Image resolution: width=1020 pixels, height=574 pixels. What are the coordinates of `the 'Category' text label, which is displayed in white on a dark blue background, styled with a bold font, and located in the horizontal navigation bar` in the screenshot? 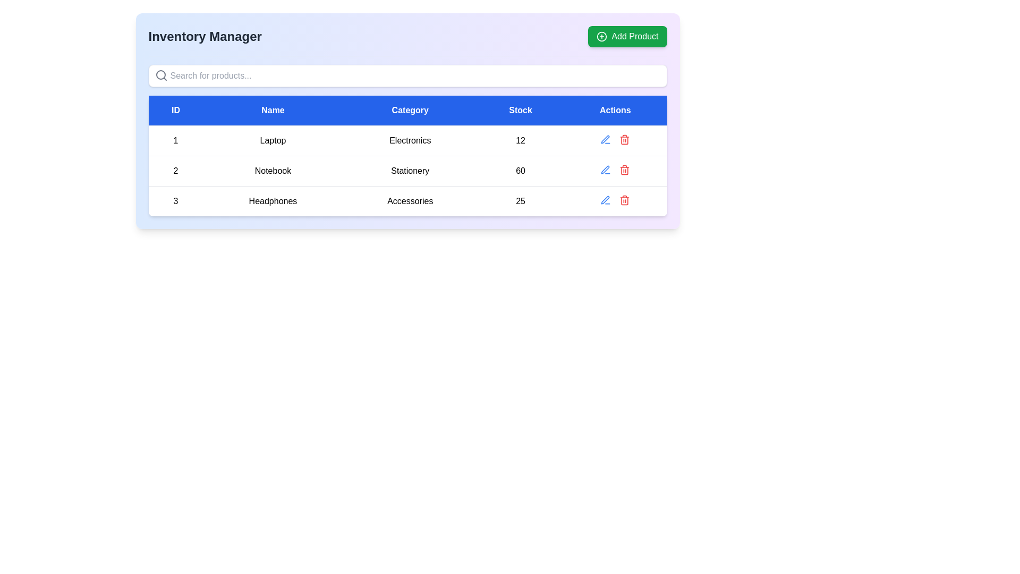 It's located at (410, 111).